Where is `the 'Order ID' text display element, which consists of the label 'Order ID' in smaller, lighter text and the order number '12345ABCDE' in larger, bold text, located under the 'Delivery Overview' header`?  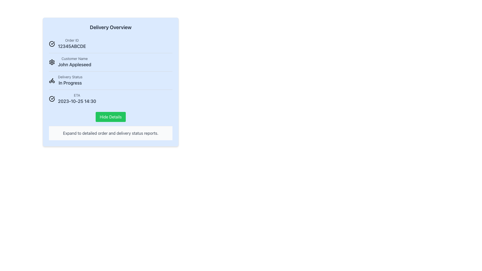
the 'Order ID' text display element, which consists of the label 'Order ID' in smaller, lighter text and the order number '12345ABCDE' in larger, bold text, located under the 'Delivery Overview' header is located at coordinates (72, 43).